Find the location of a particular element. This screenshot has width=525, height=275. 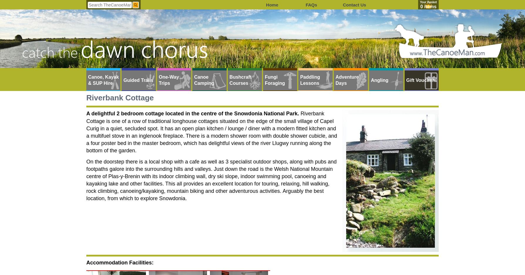

'catch the' is located at coordinates (50, 52).